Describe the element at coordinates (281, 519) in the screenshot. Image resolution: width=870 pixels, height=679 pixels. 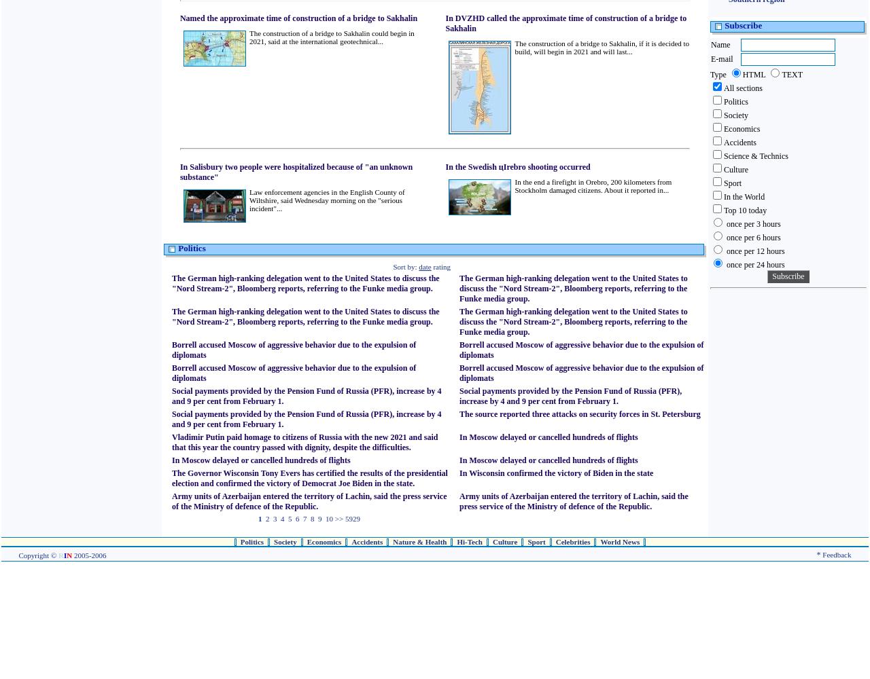
I see `'4'` at that location.